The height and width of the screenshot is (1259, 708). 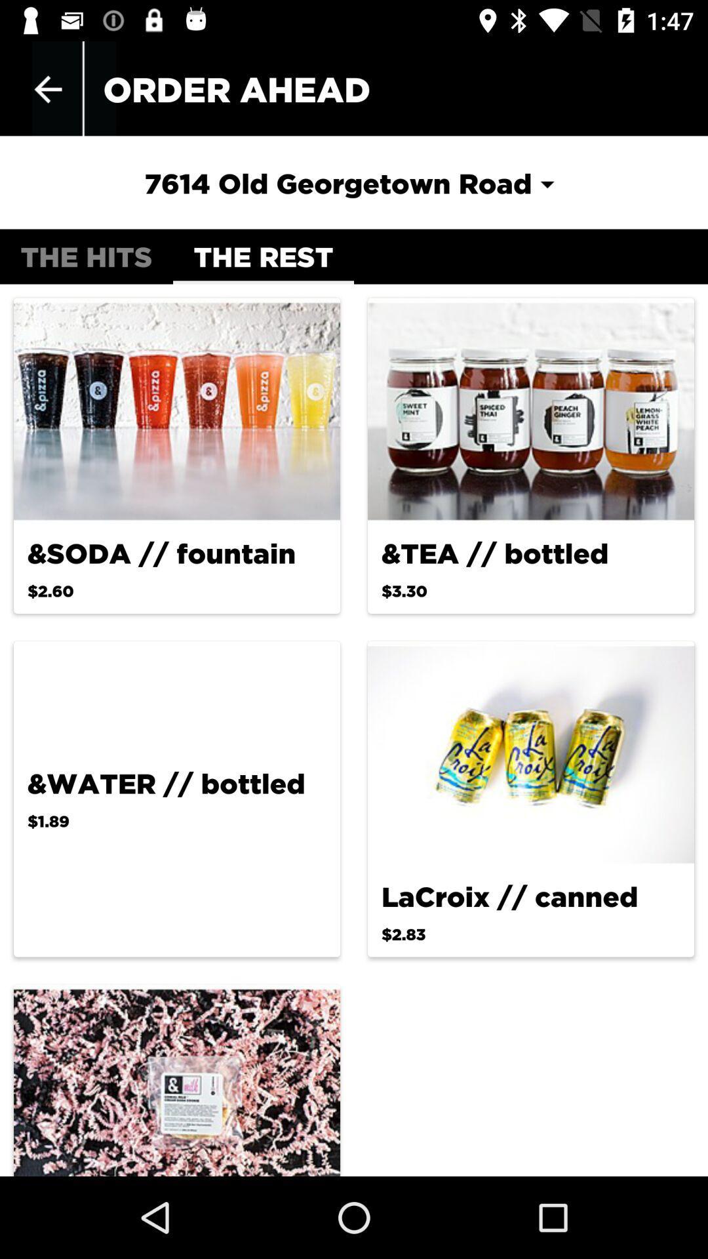 I want to click on app to the left of the order ahead app, so click(x=47, y=89).